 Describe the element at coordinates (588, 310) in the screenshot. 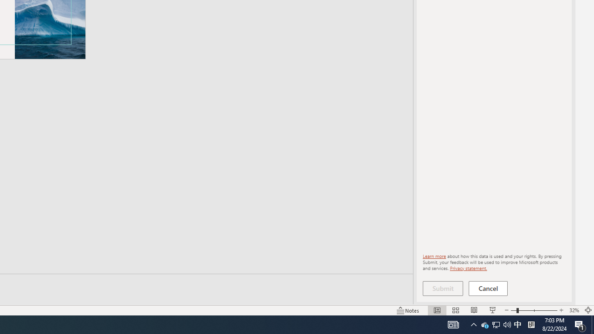

I see `'Zoom to Fit '` at that location.